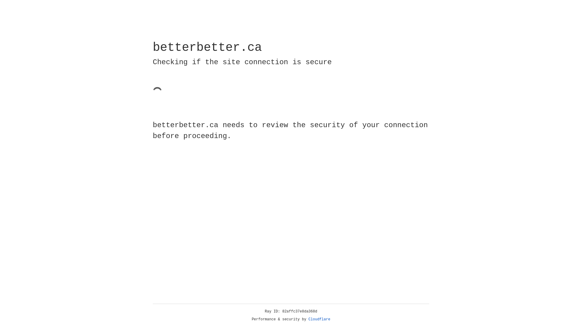 This screenshot has height=327, width=582. What do you see at coordinates (319, 319) in the screenshot?
I see `'Cloudflare'` at bounding box center [319, 319].